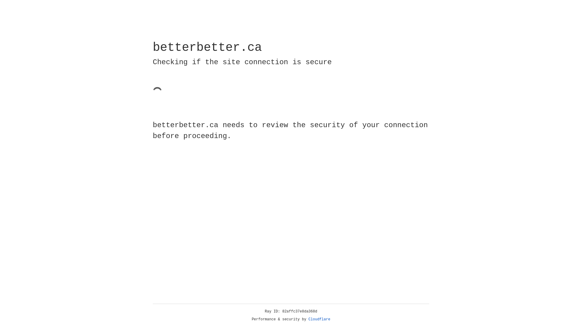 This screenshot has height=327, width=582. What do you see at coordinates (319, 319) in the screenshot?
I see `'Cloudflare'` at bounding box center [319, 319].